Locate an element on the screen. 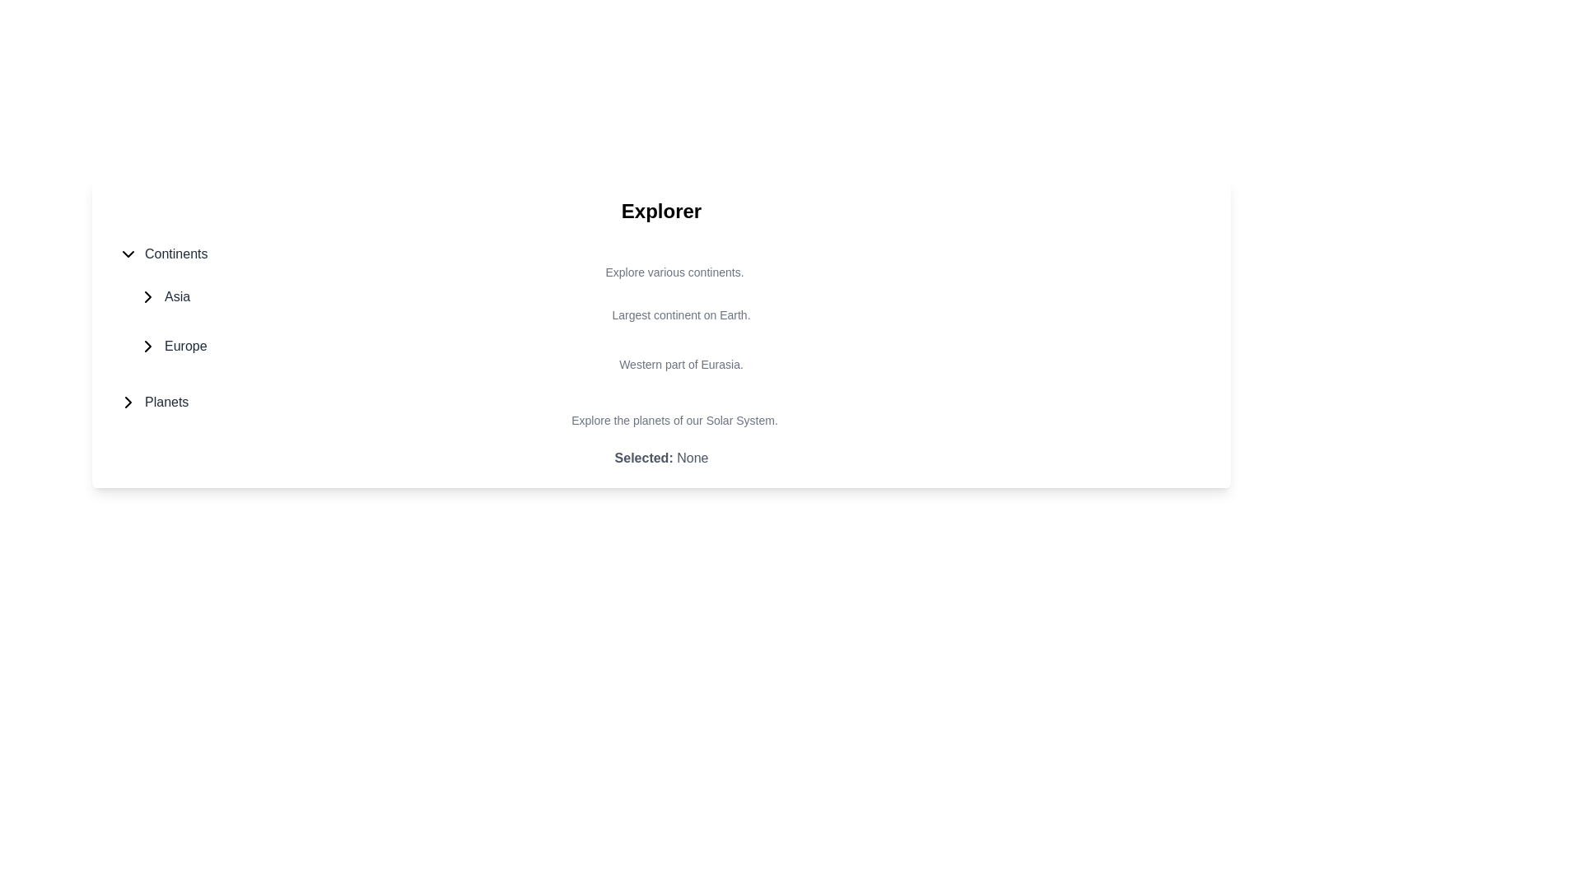  the toggle icon located to the left of the text label 'Continents' is located at coordinates (128, 254).